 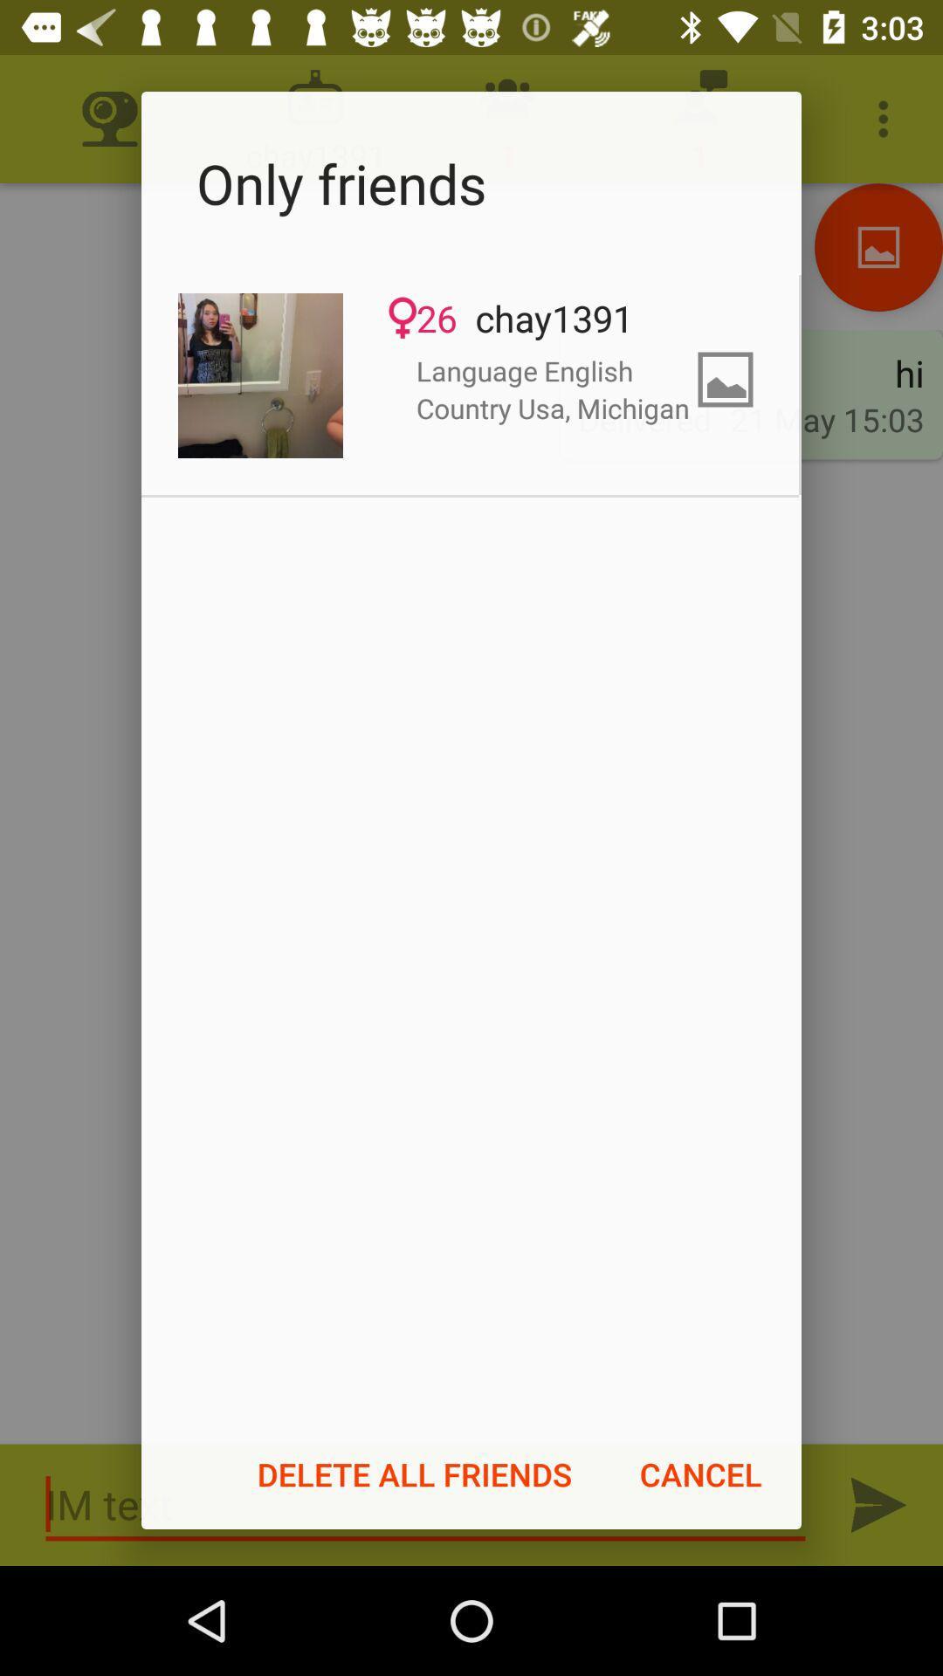 What do you see at coordinates (260, 374) in the screenshot?
I see `icon to the left of 26 item` at bounding box center [260, 374].